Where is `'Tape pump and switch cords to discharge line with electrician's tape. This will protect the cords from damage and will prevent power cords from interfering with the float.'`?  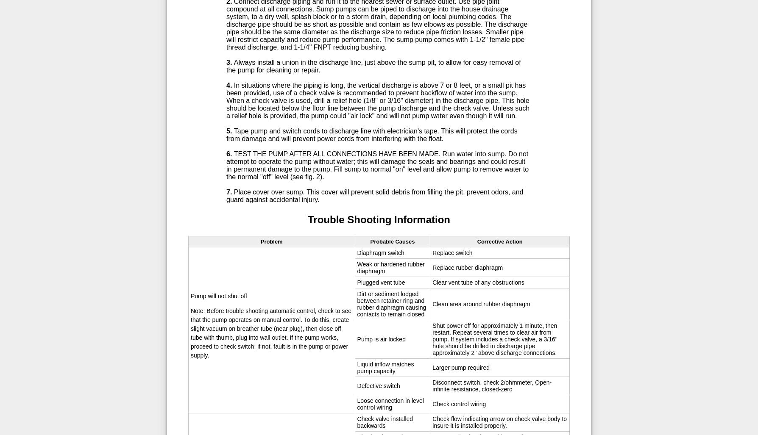 'Tape pump and switch cords to discharge line with electrician's tape. This will protect the cords from damage and will prevent power cords from interfering with the float.' is located at coordinates (371, 134).